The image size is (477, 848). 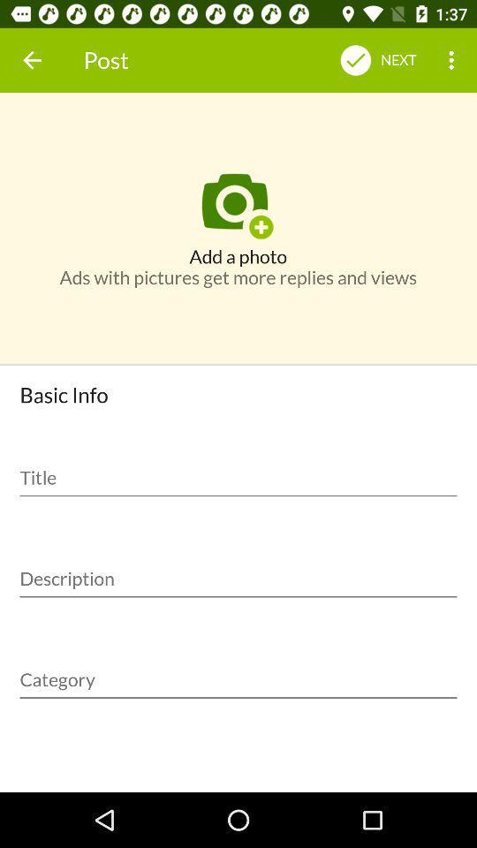 What do you see at coordinates (32, 60) in the screenshot?
I see `the icon to the left of the post item` at bounding box center [32, 60].